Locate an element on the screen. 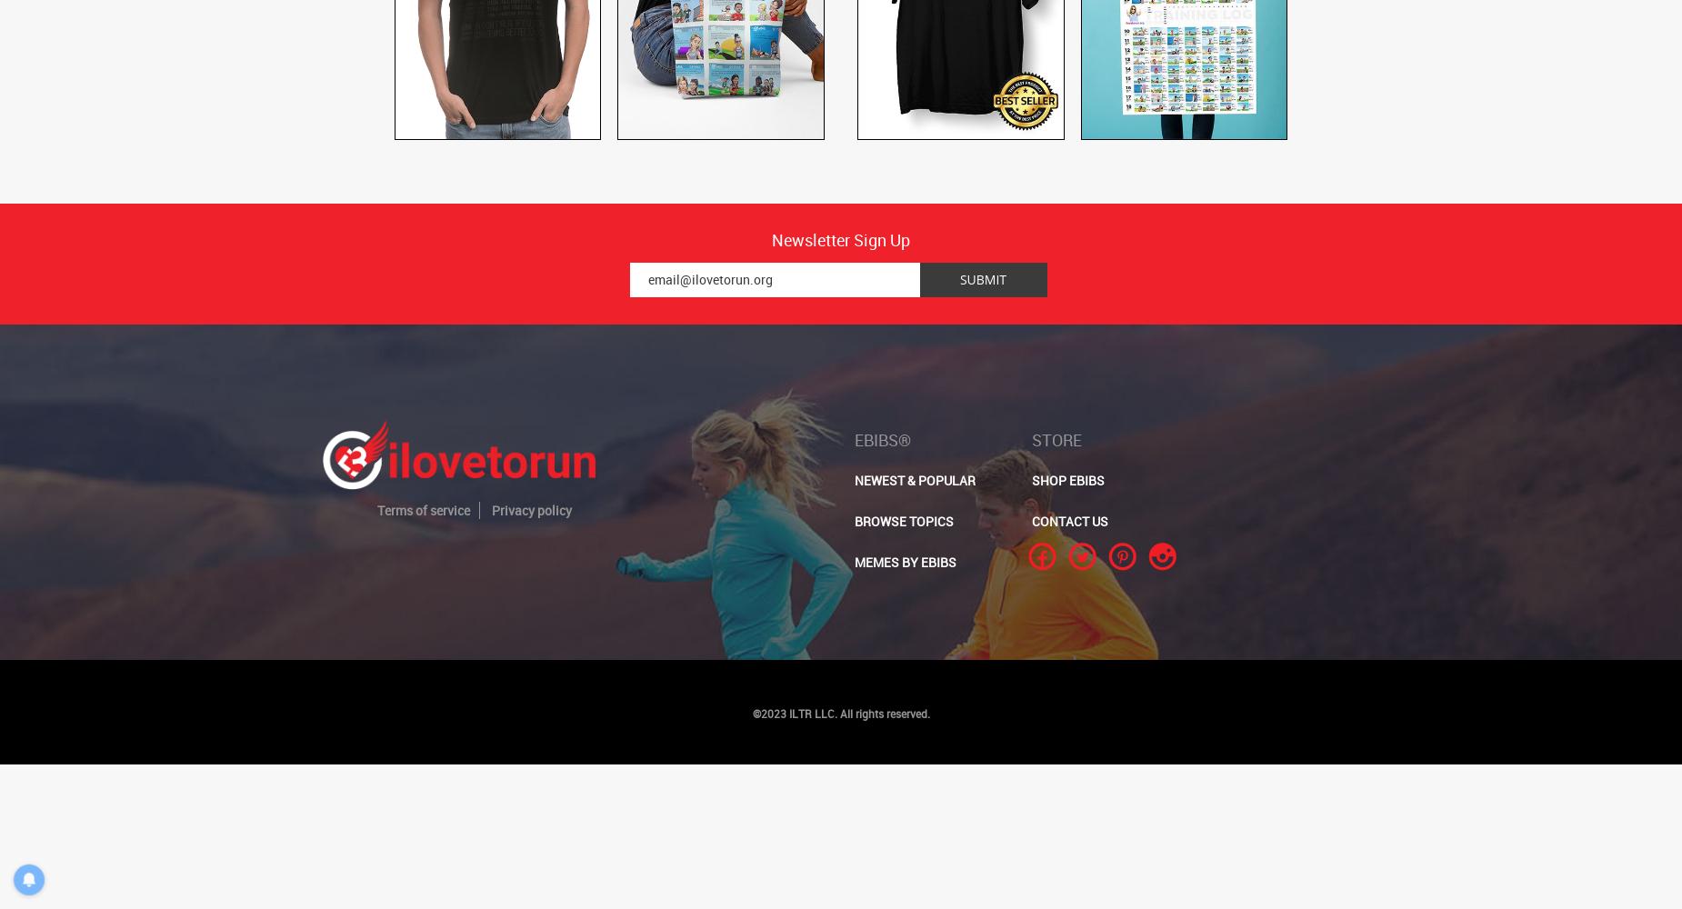 The width and height of the screenshot is (1682, 909). 'EBIBS®' is located at coordinates (882, 439).